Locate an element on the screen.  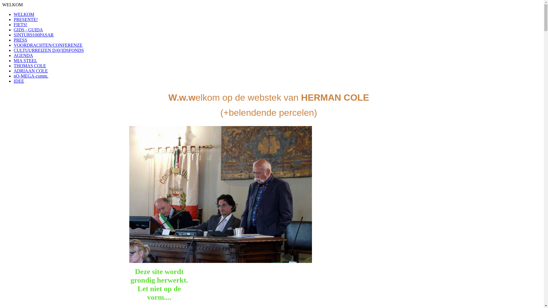
'CULTUURREIZEN DAVIDSFONDS' is located at coordinates (49, 50).